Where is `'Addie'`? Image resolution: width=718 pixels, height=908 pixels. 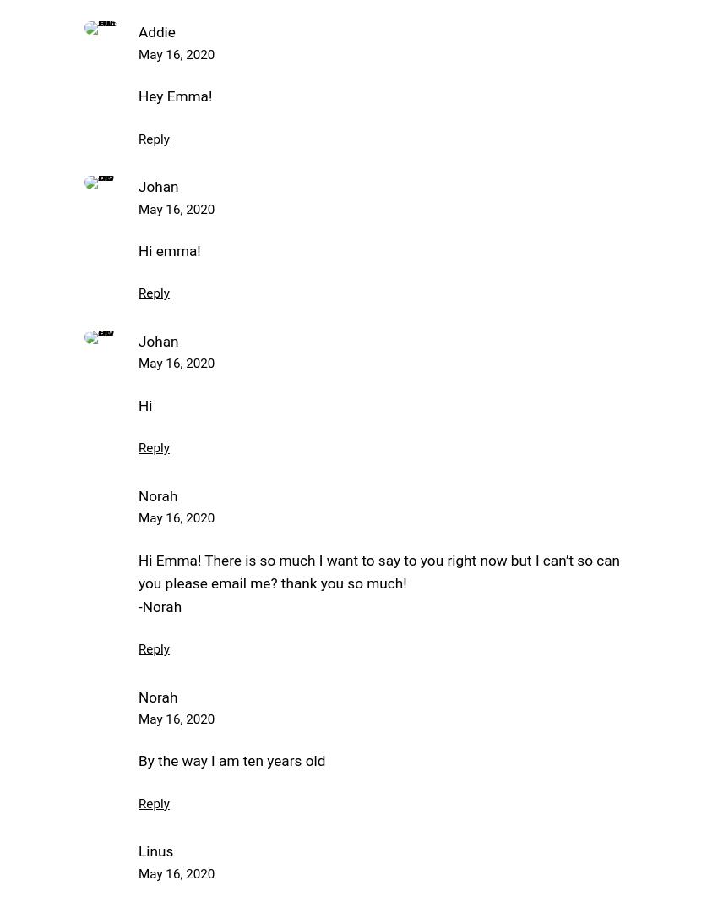
'Addie' is located at coordinates (155, 31).